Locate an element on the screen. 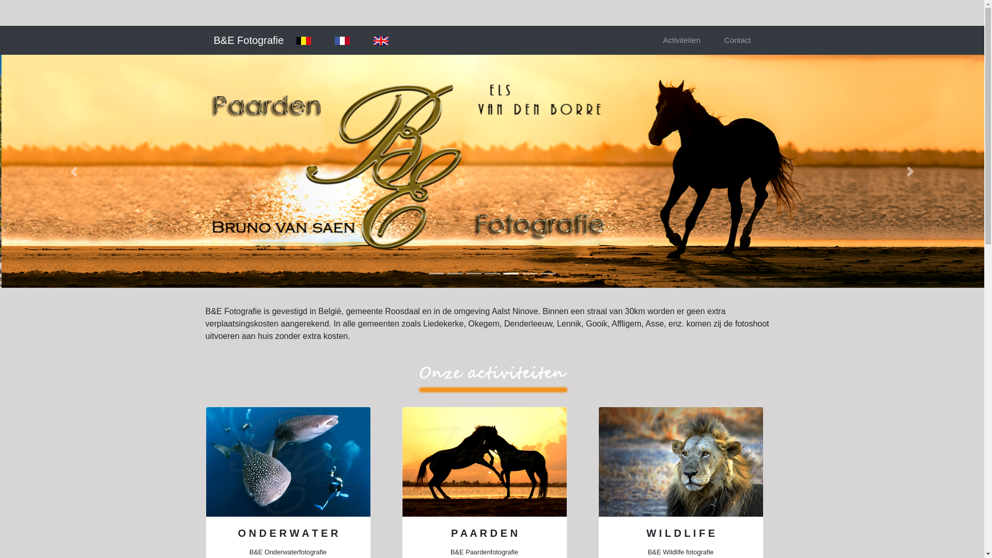 This screenshot has height=558, width=992. 'B&E Fotografie' is located at coordinates (249, 39).